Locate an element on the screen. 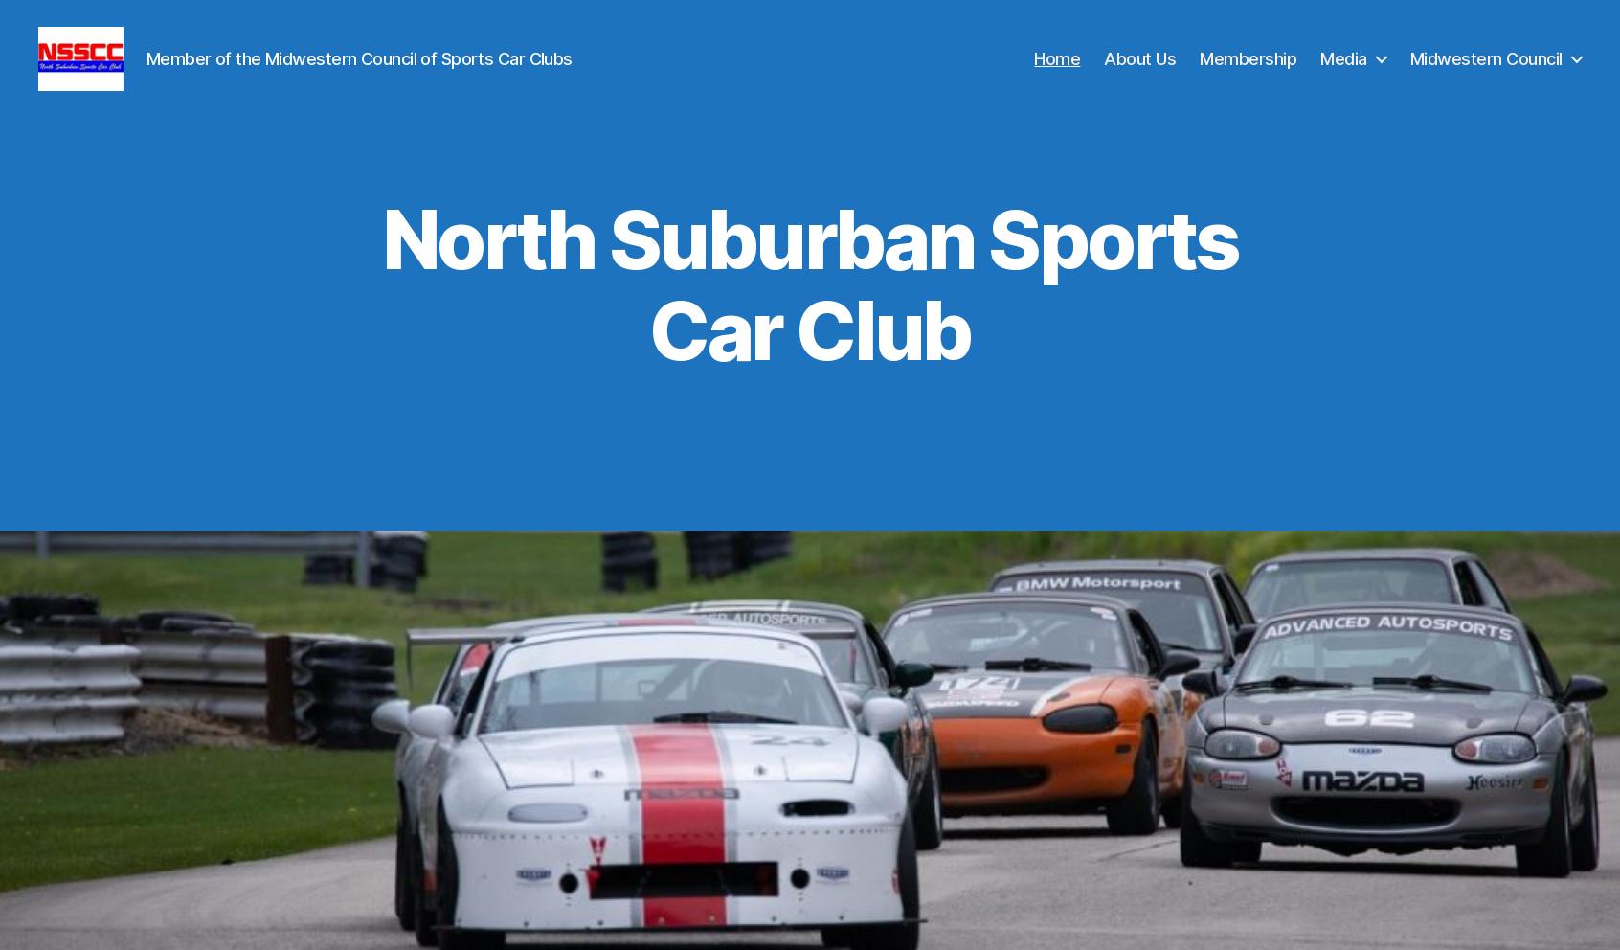 Image resolution: width=1620 pixels, height=950 pixels. 'North Suburban Sports Car Club will not be hosting a Midwestern Council Race Weekend in 2023.' is located at coordinates (805, 648).